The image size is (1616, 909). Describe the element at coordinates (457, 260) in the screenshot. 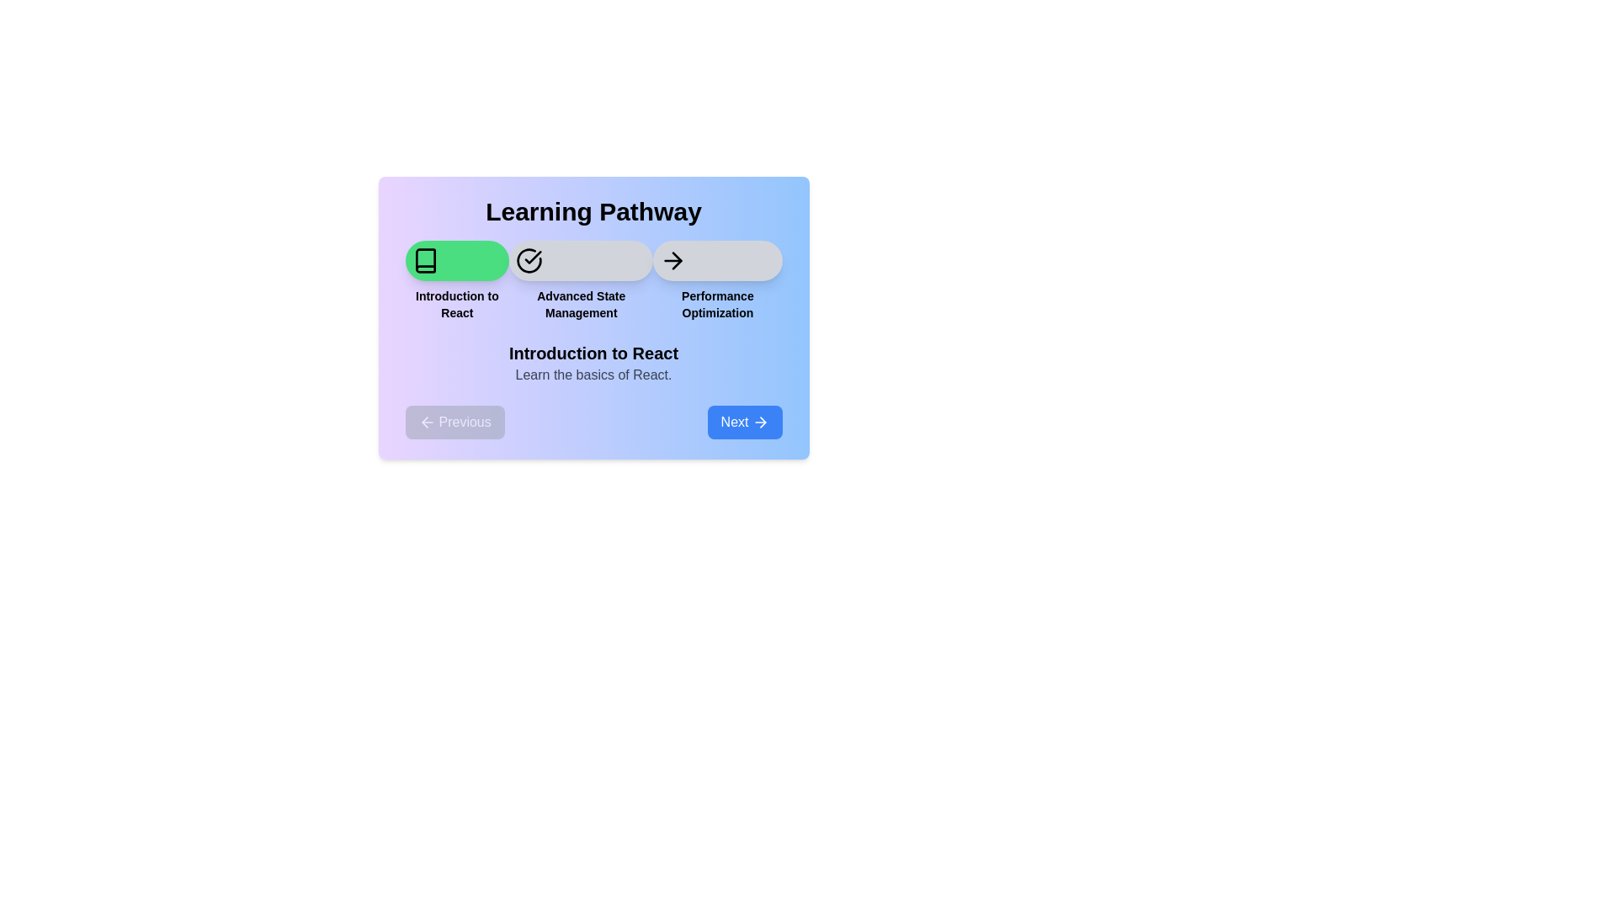

I see `the step icon corresponding to Introduction to React` at that location.